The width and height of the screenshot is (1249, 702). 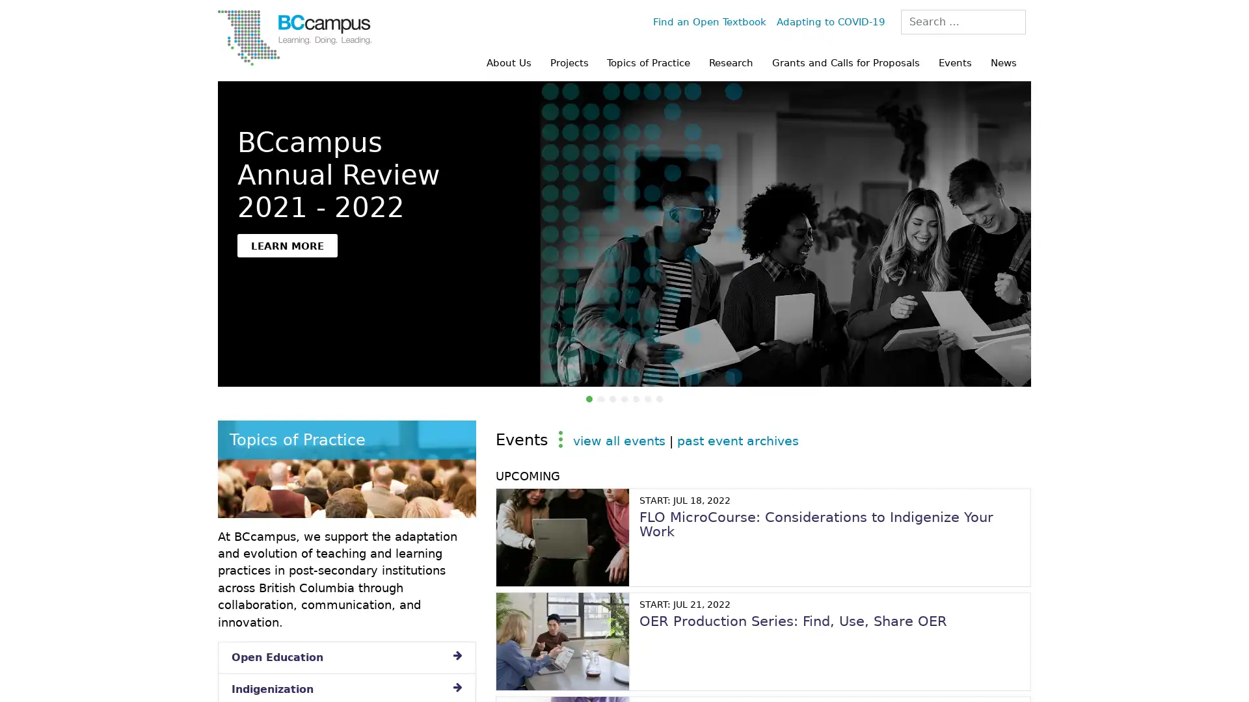 What do you see at coordinates (589, 398) in the screenshot?
I see `BCcampus Annual Review` at bounding box center [589, 398].